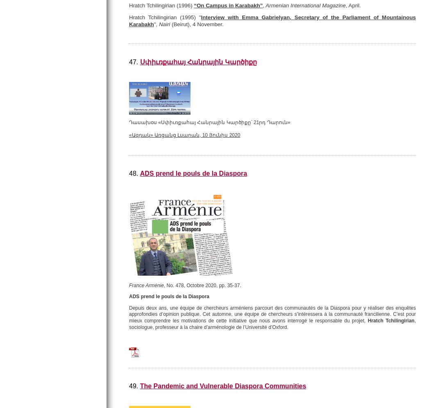  Describe the element at coordinates (161, 5) in the screenshot. I see `'Hratch Tchilingirian (1996)'` at that location.